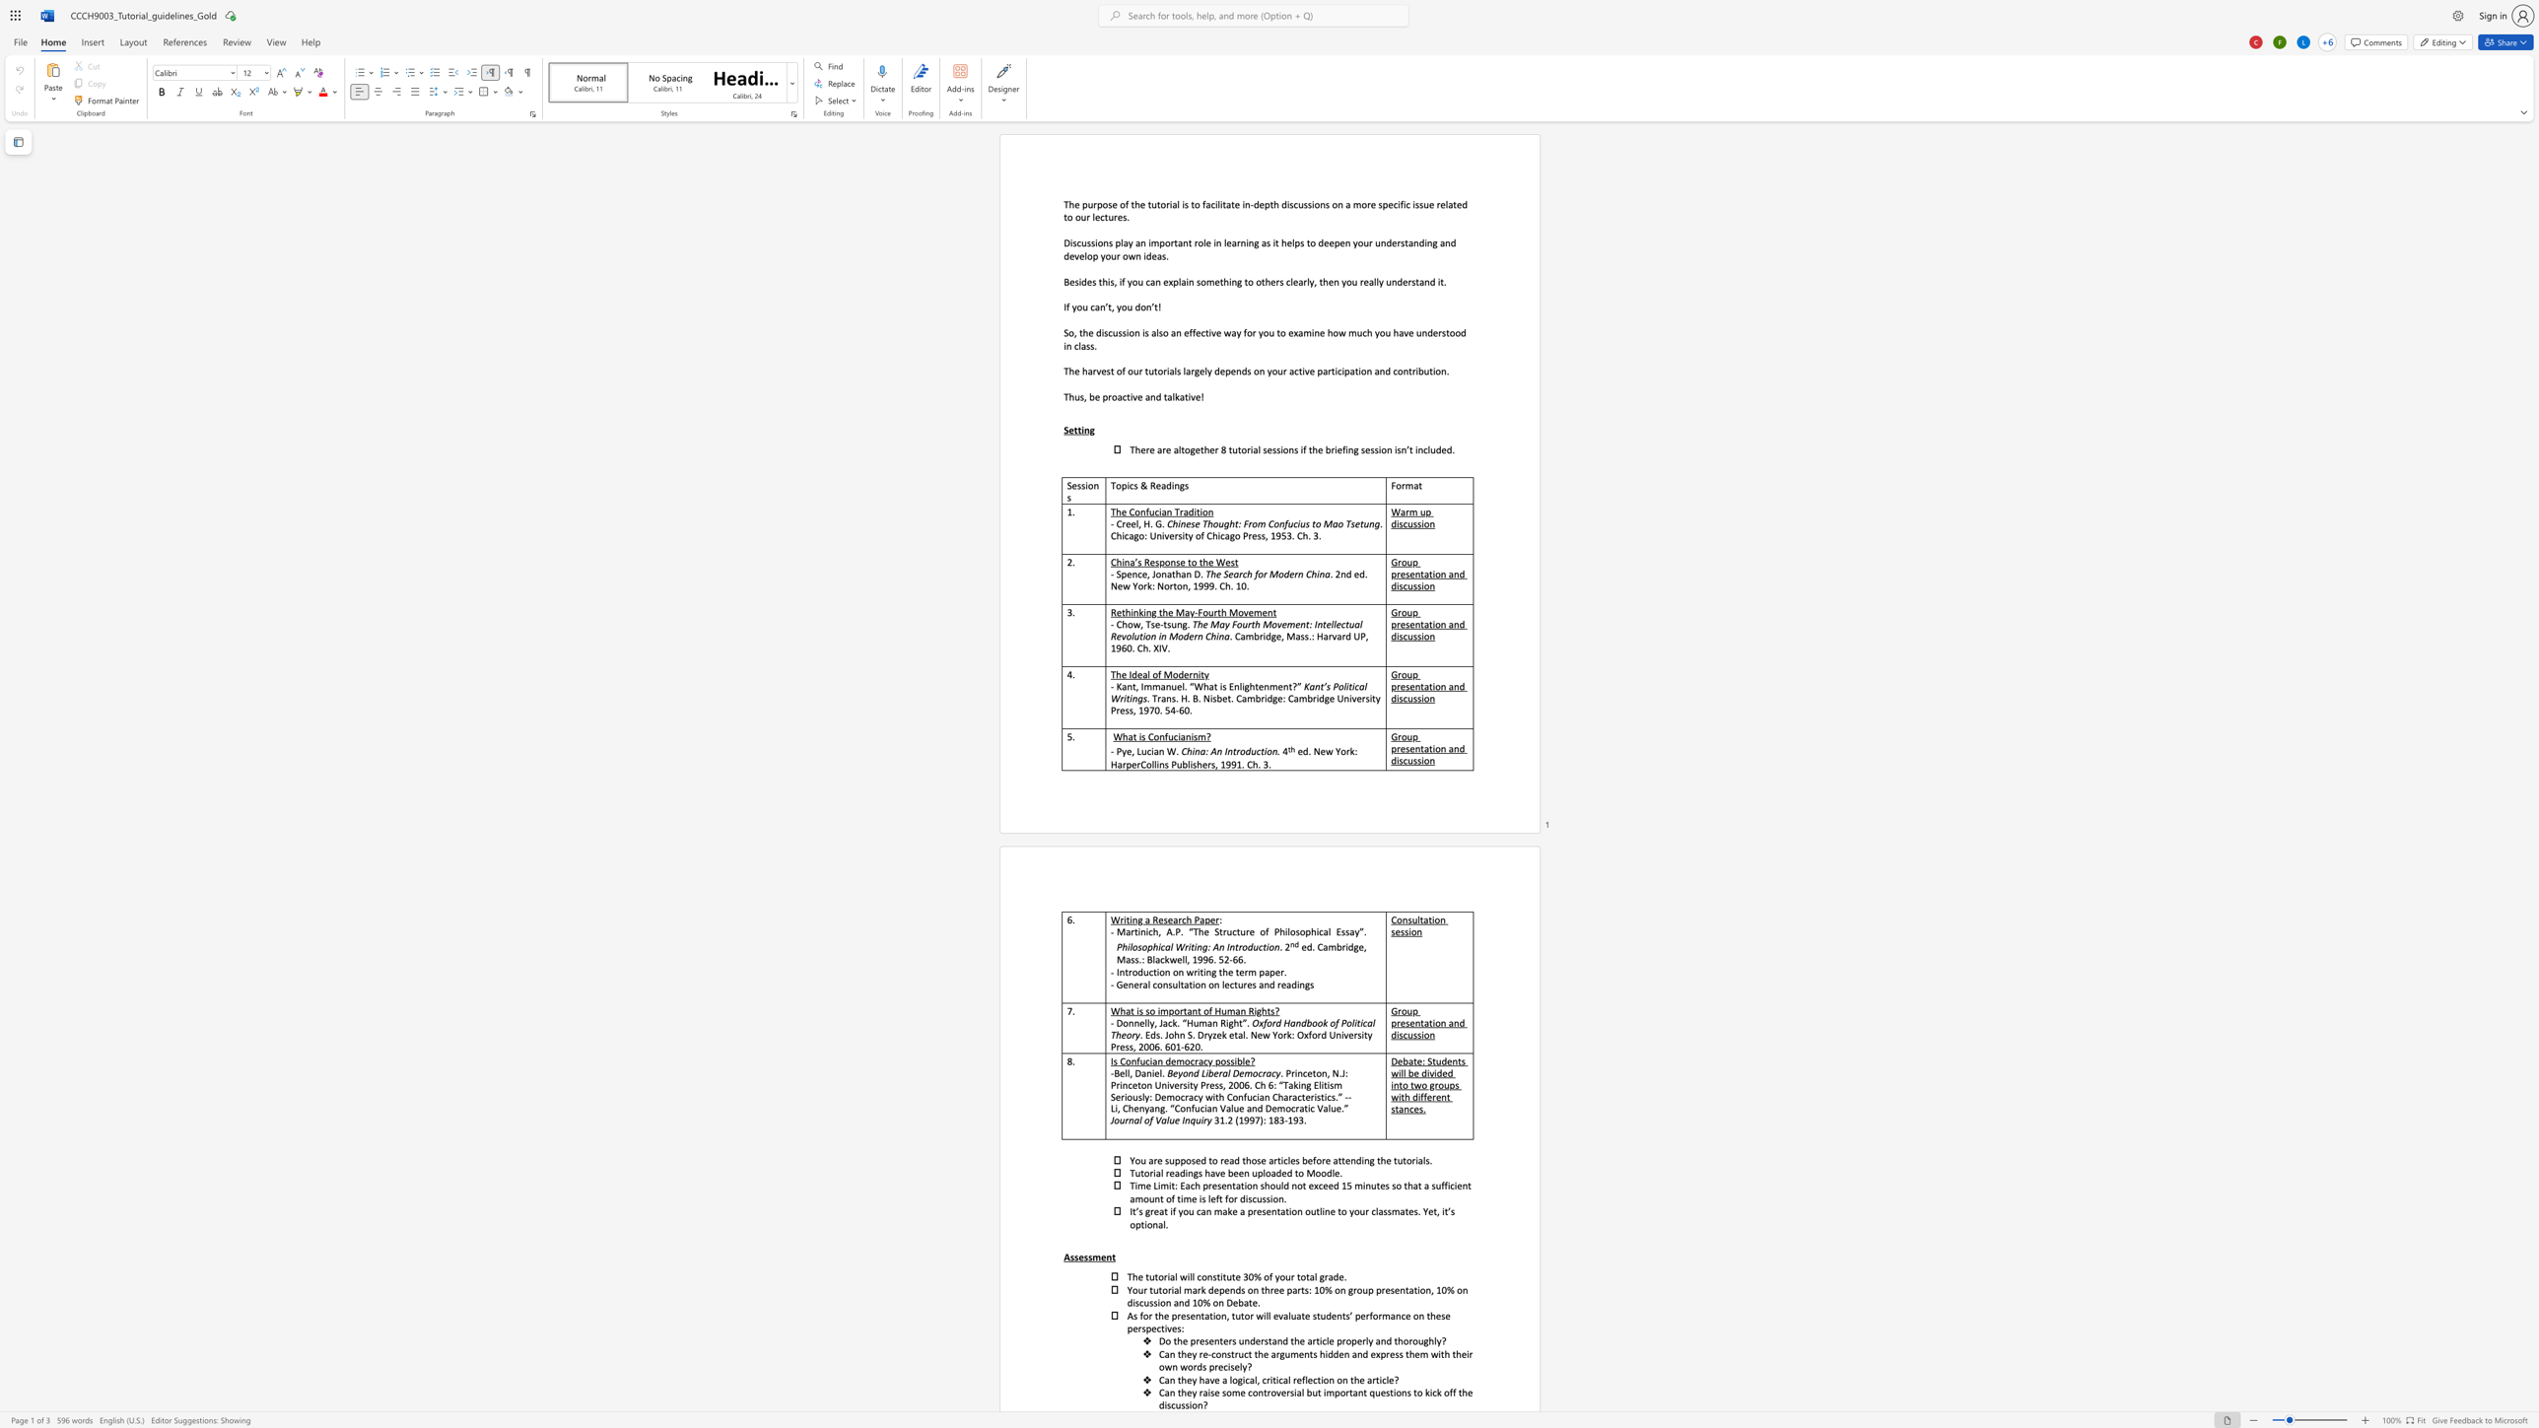  What do you see at coordinates (1133, 523) in the screenshot?
I see `the space between the continuous character "e" and "l" in the text` at bounding box center [1133, 523].